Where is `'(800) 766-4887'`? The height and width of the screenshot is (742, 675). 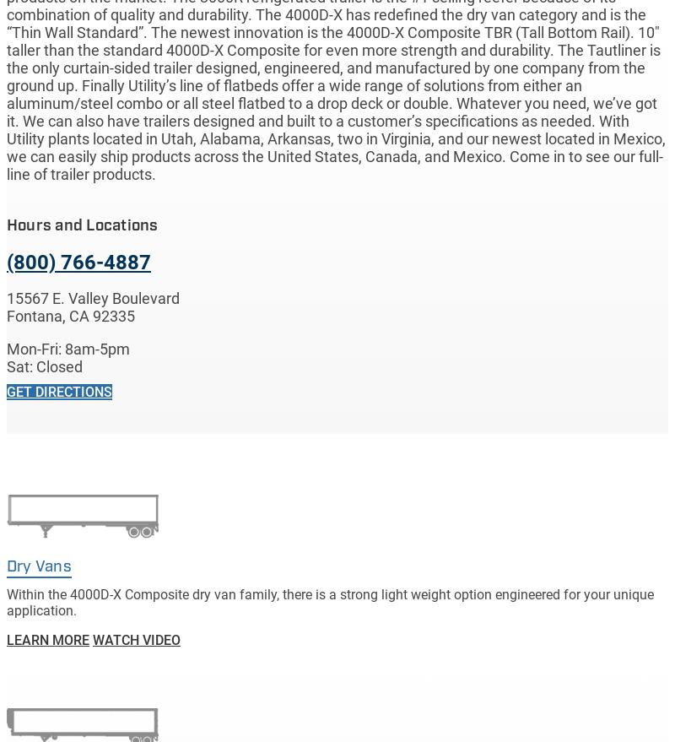 '(800) 766-4887' is located at coordinates (78, 262).